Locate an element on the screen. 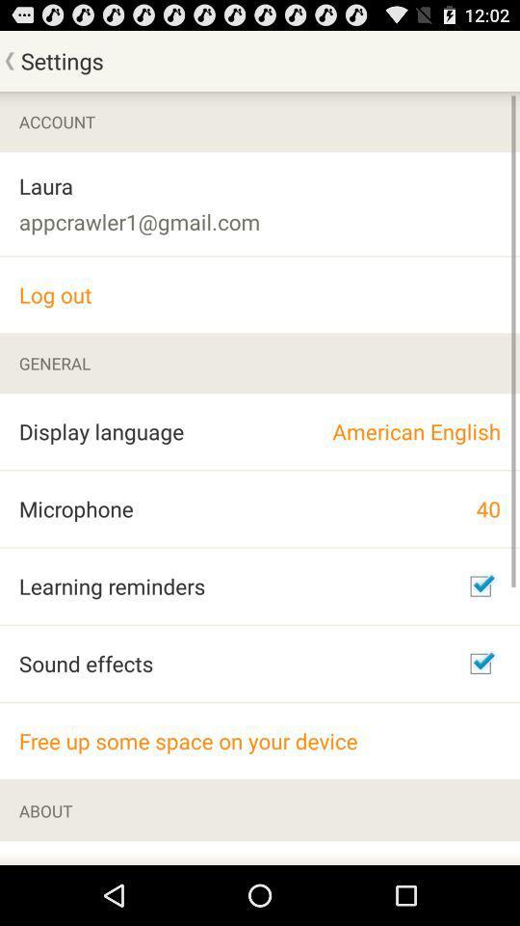  the icon below about is located at coordinates (105, 852).